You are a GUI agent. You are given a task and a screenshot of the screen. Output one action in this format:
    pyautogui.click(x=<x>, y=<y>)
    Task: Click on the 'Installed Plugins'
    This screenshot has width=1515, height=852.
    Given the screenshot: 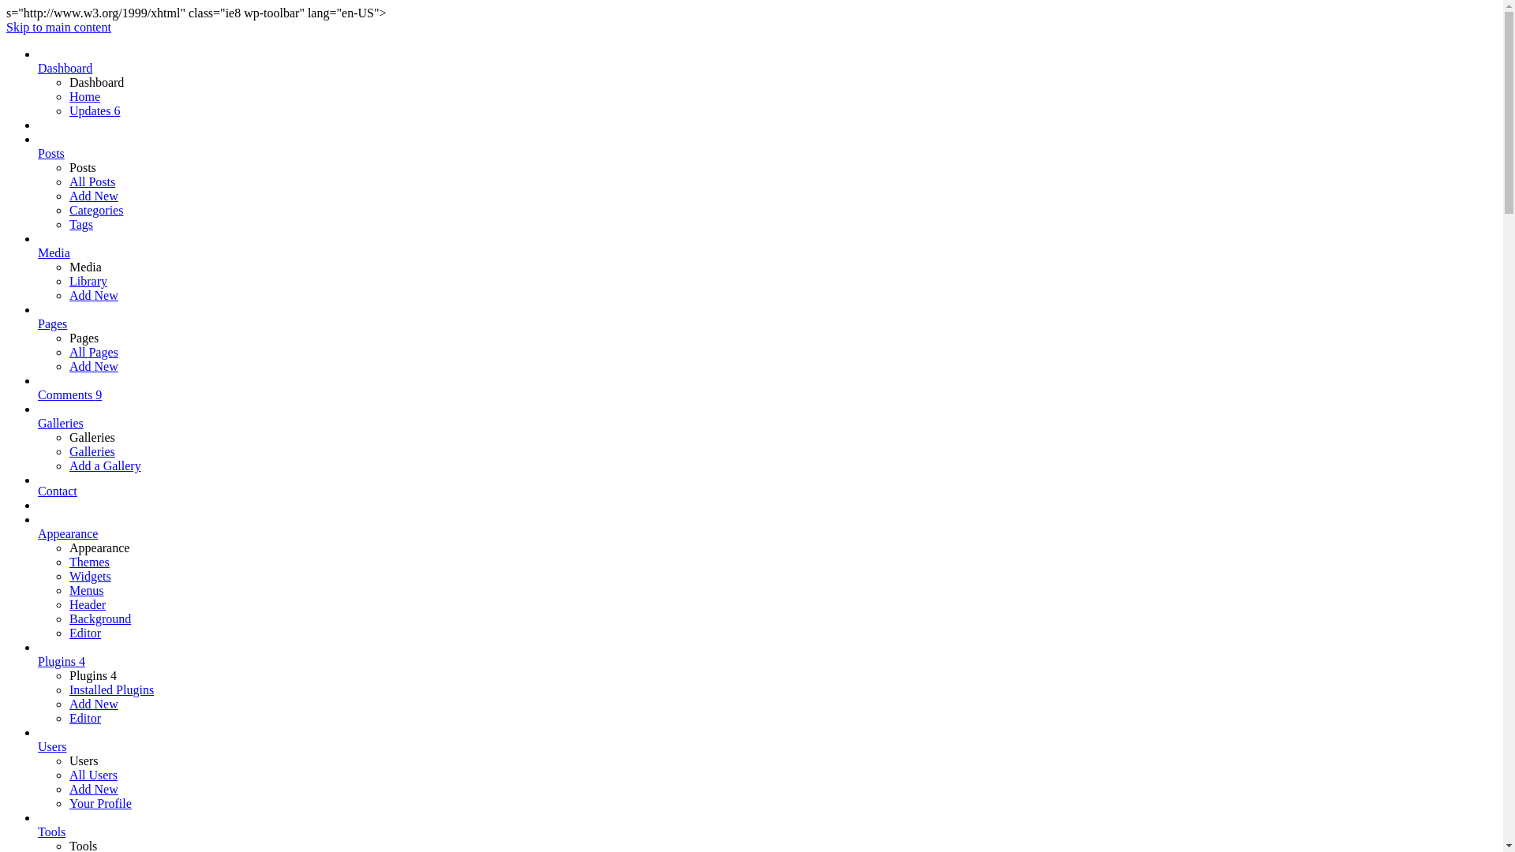 What is the action you would take?
    pyautogui.click(x=68, y=689)
    